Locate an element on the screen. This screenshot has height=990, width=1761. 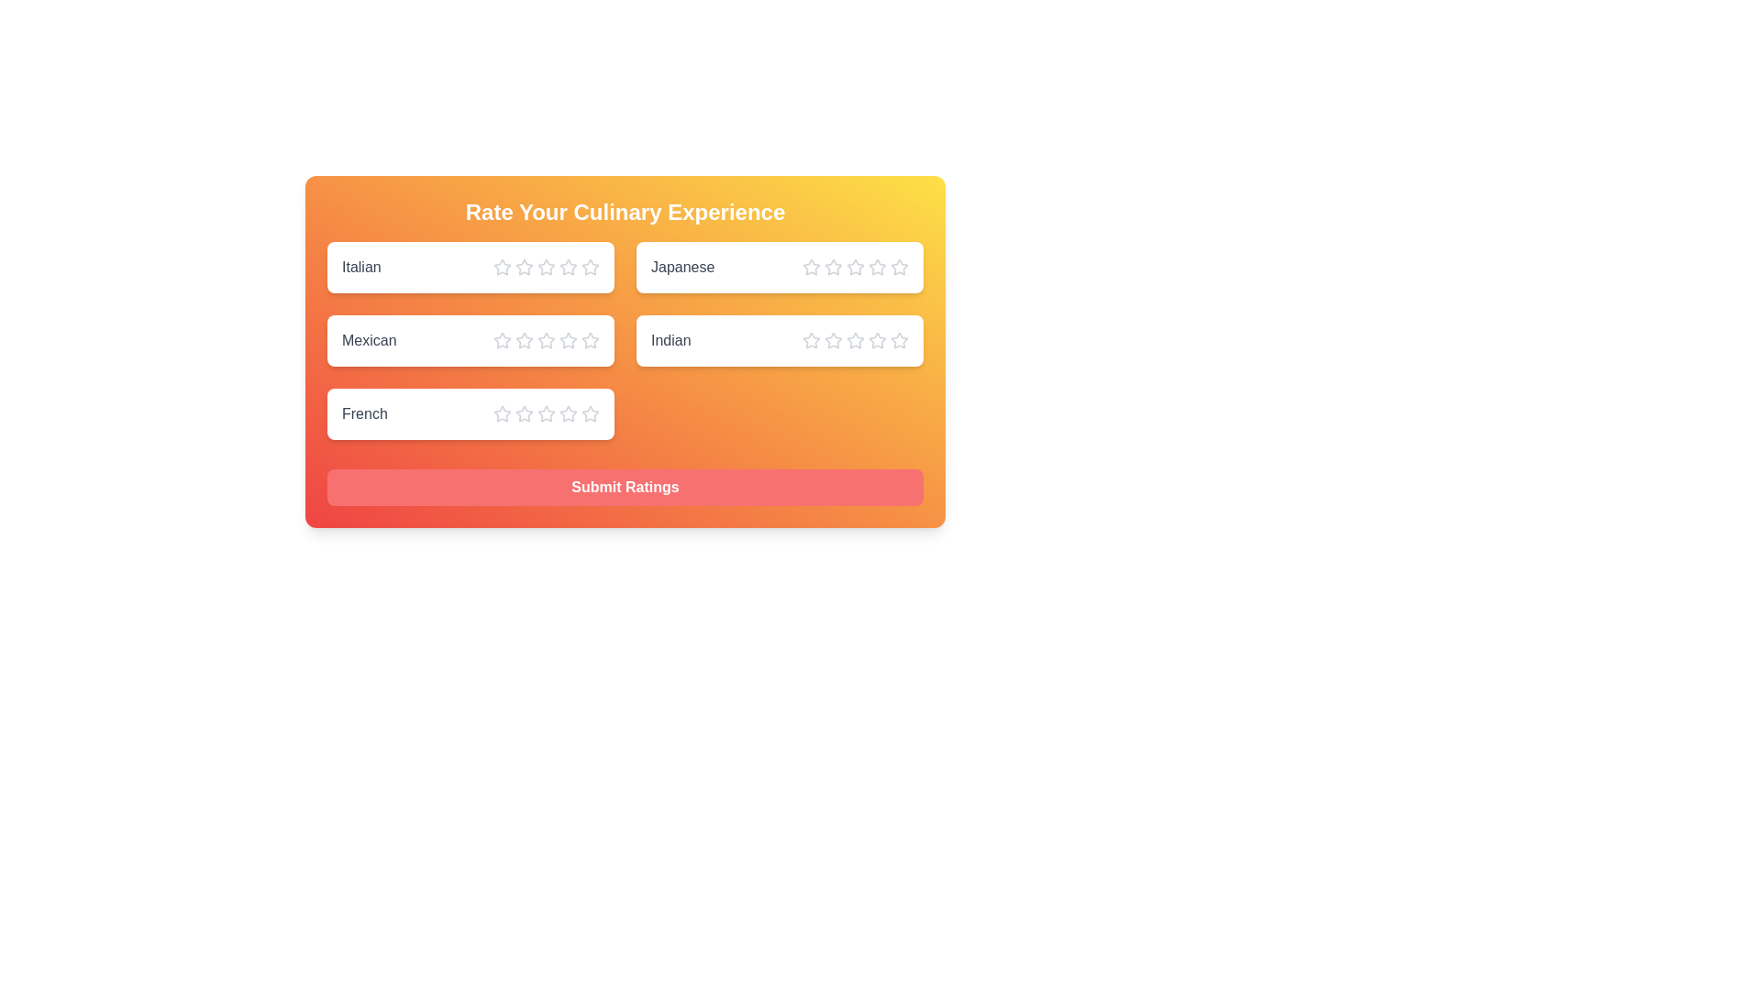
the star corresponding to the rating 3 for the cuisine French is located at coordinates (545, 413).